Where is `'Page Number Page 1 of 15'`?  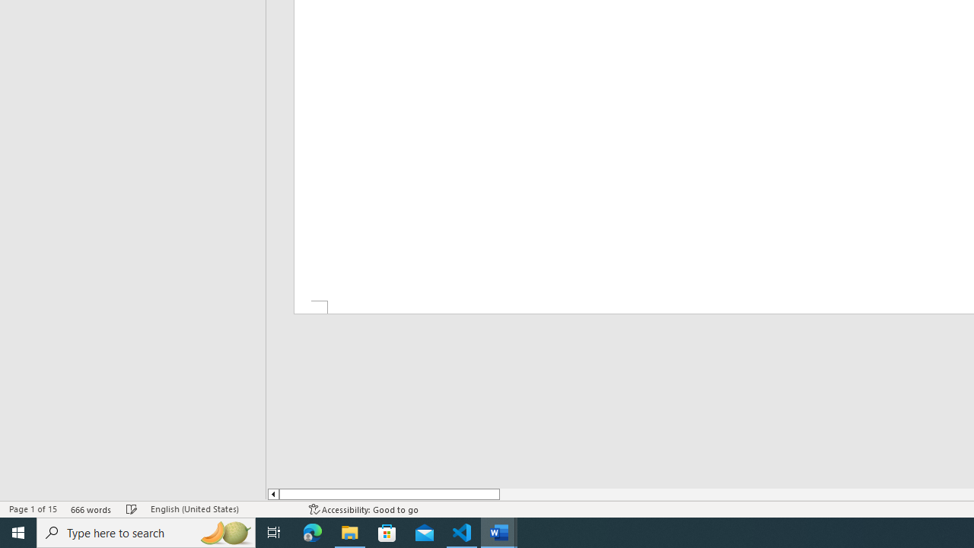 'Page Number Page 1 of 15' is located at coordinates (33, 509).